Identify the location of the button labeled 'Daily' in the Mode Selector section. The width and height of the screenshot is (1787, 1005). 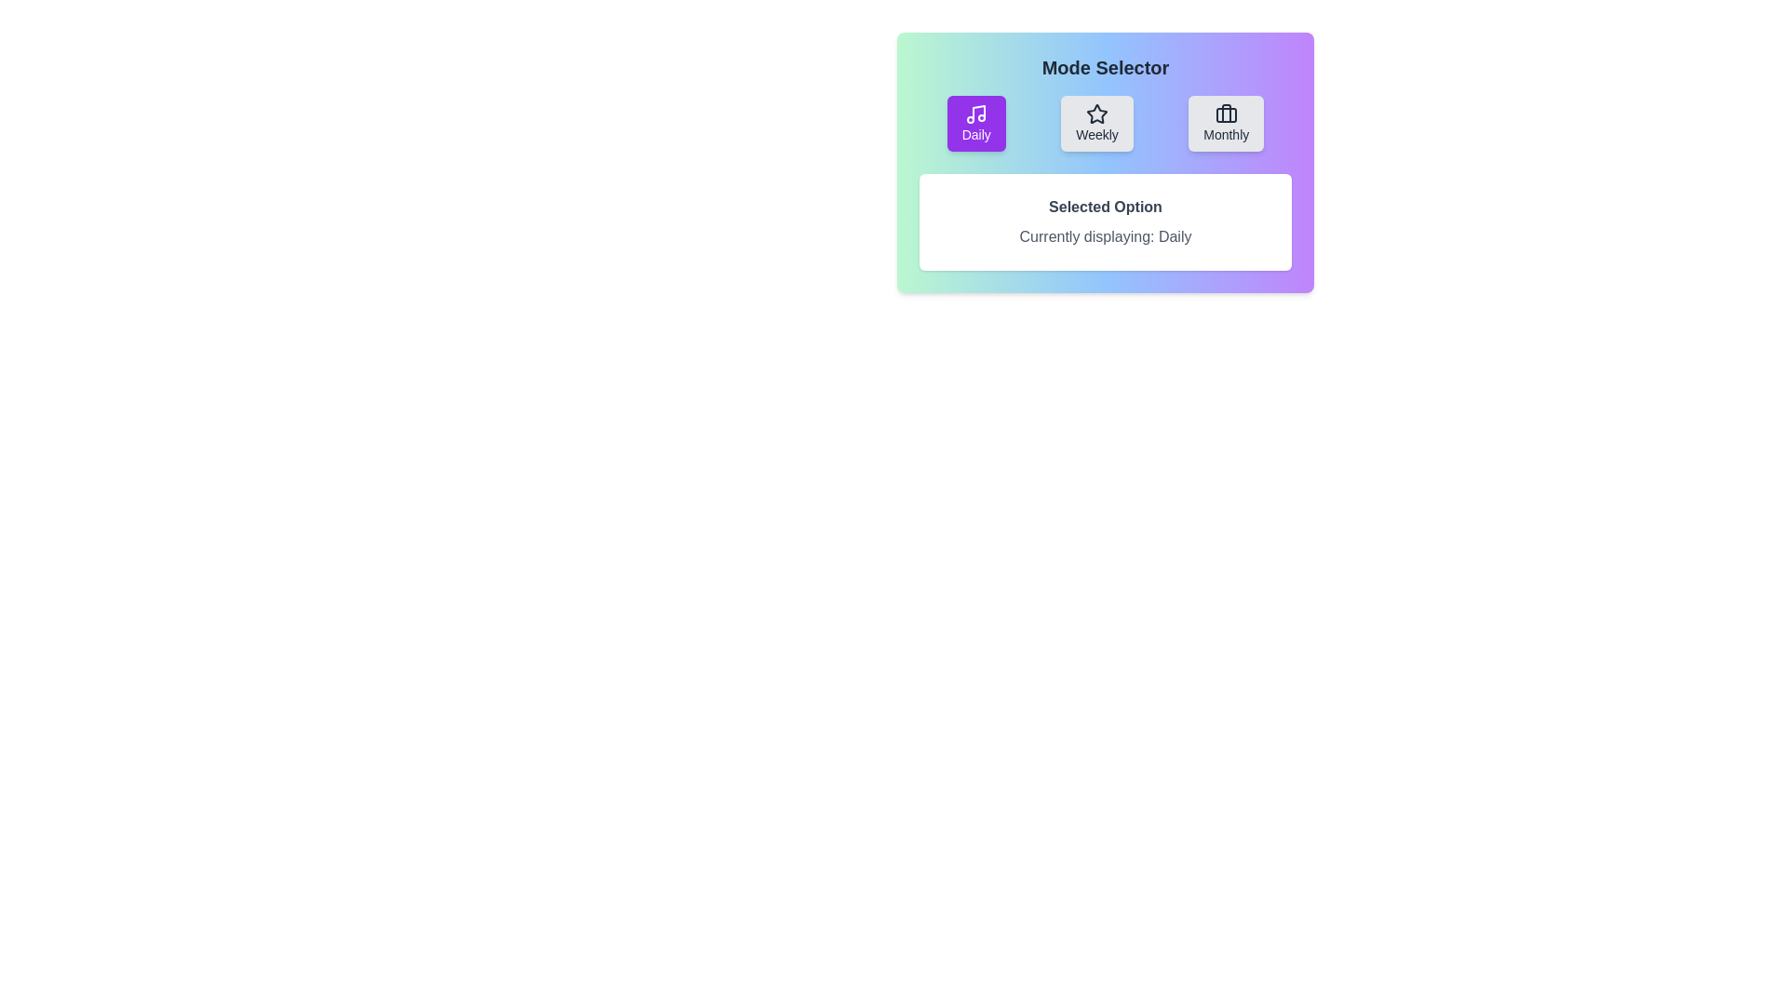
(1106, 123).